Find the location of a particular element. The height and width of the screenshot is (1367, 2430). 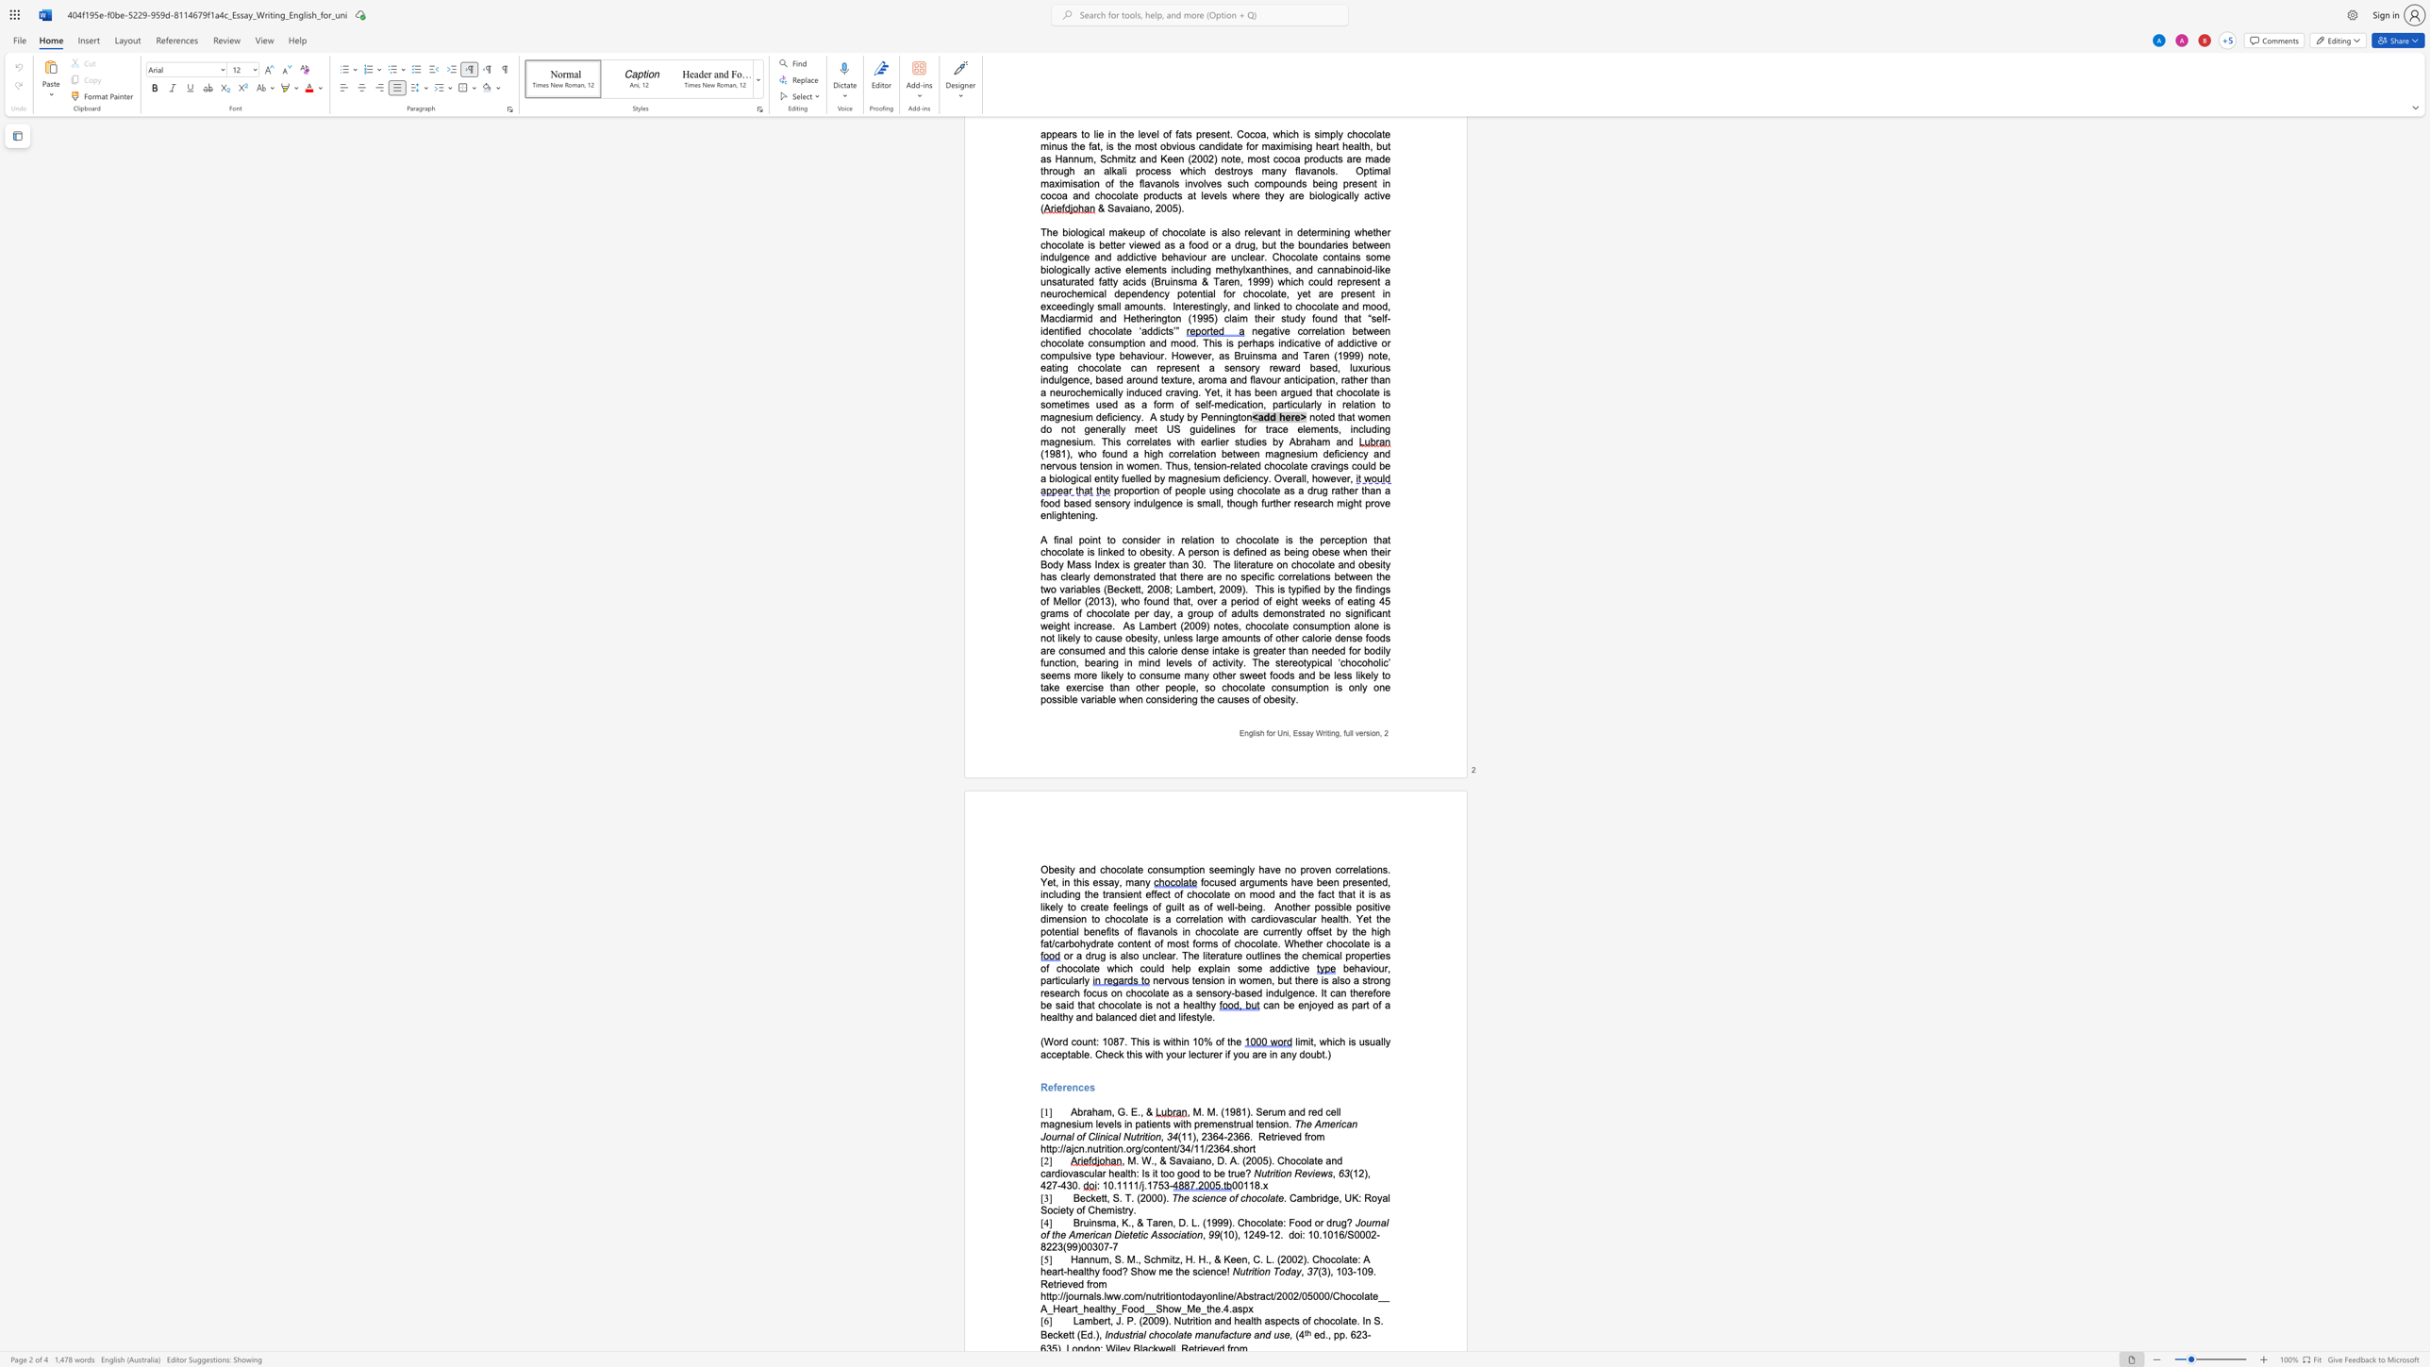

the space between the continuous character "i" and "n" in the text is located at coordinates (1331, 732).